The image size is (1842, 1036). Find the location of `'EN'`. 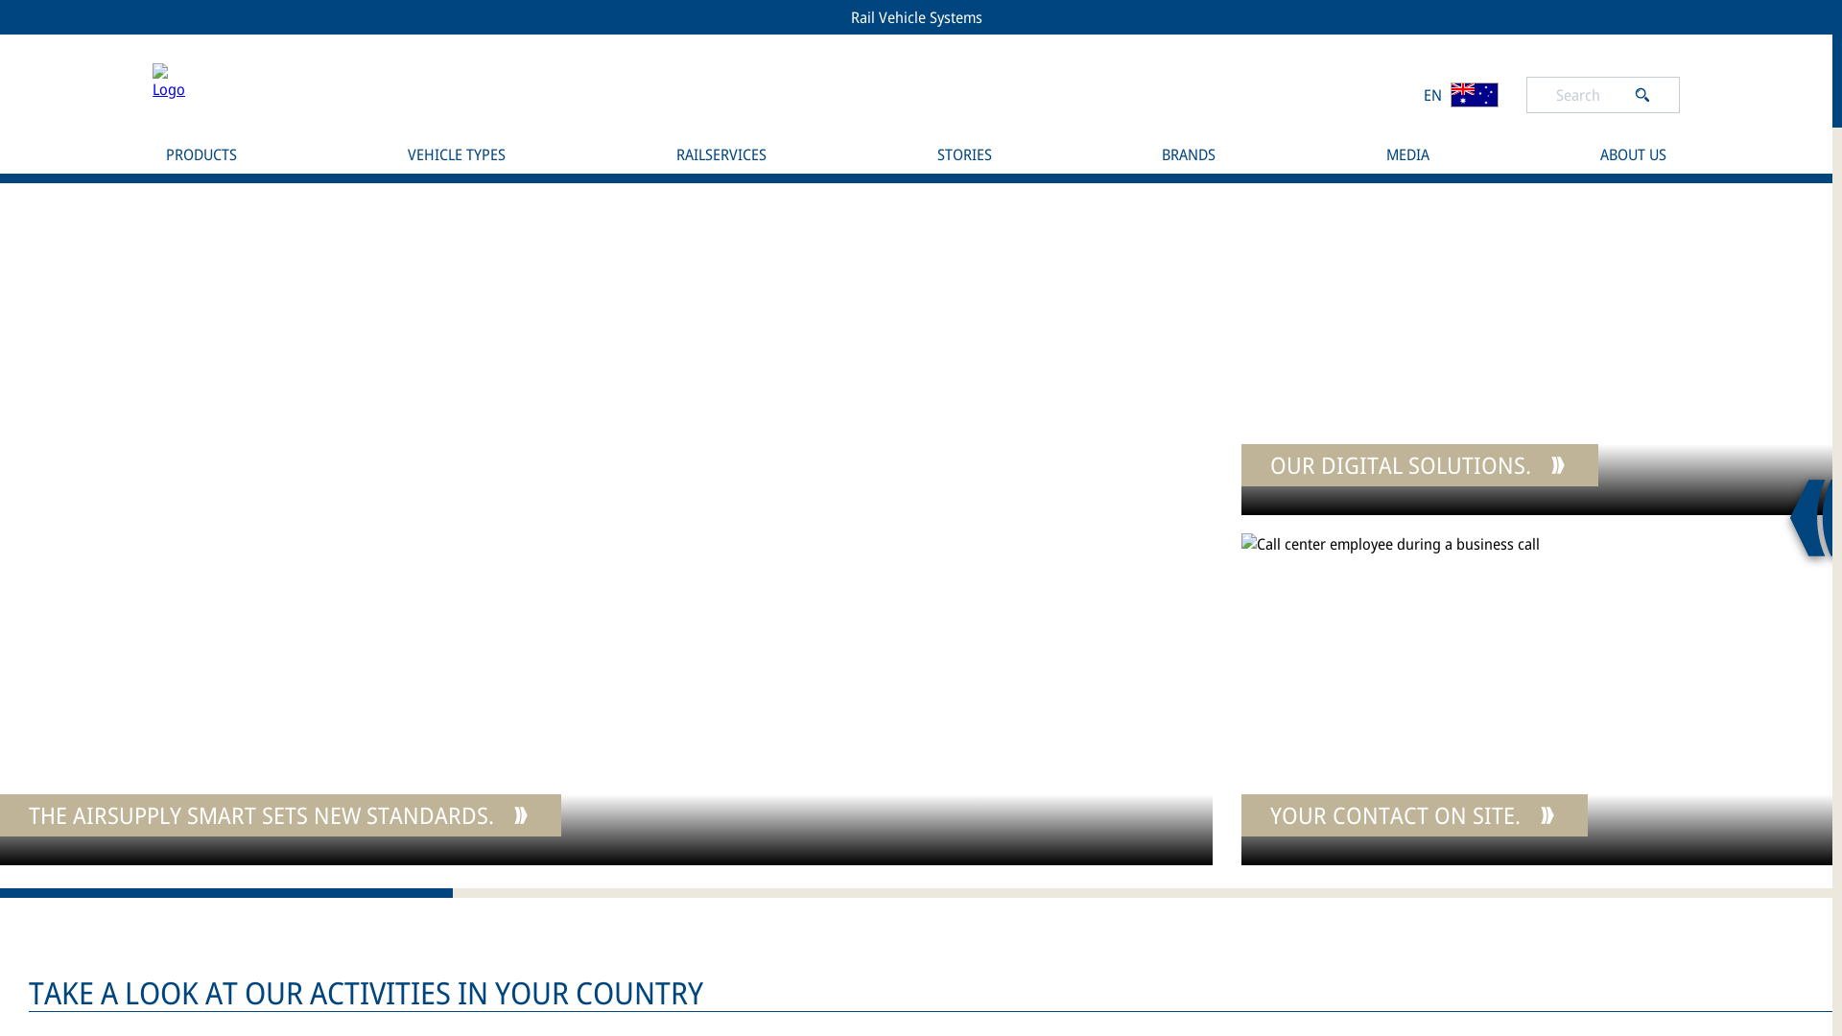

'EN' is located at coordinates (1459, 93).